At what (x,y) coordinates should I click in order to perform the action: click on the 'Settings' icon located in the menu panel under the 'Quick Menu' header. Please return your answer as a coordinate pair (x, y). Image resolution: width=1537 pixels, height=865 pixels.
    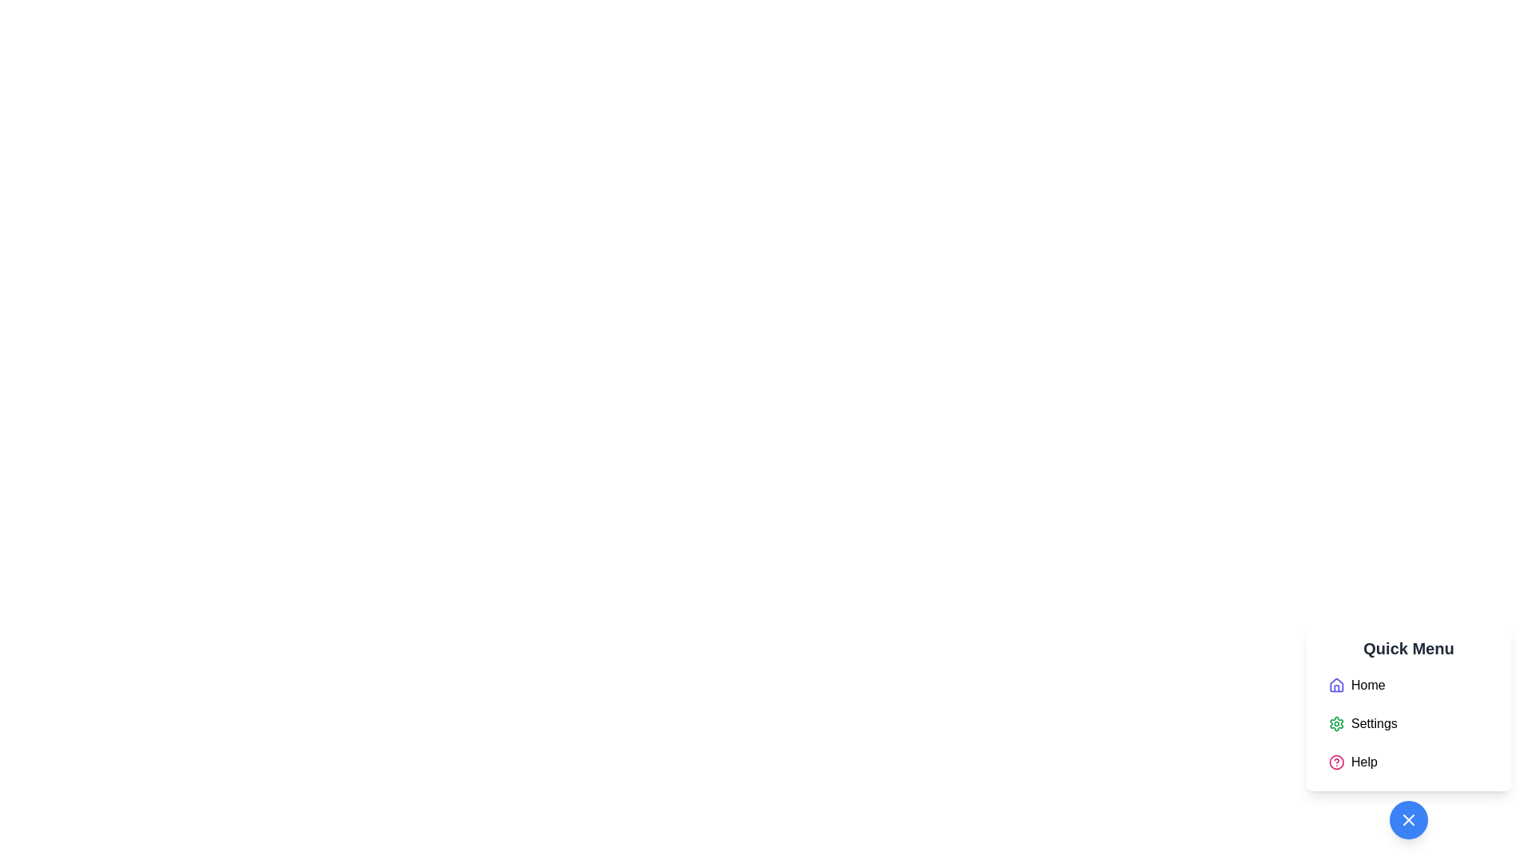
    Looking at the image, I should click on (1337, 723).